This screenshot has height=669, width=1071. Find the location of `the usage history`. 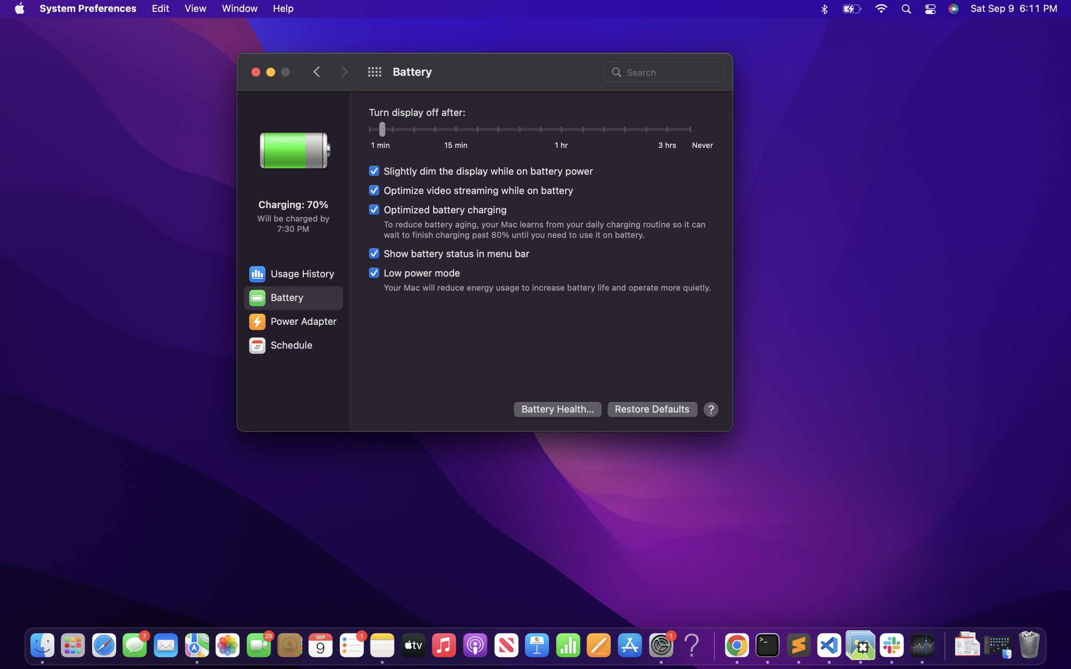

the usage history is located at coordinates (292, 273).